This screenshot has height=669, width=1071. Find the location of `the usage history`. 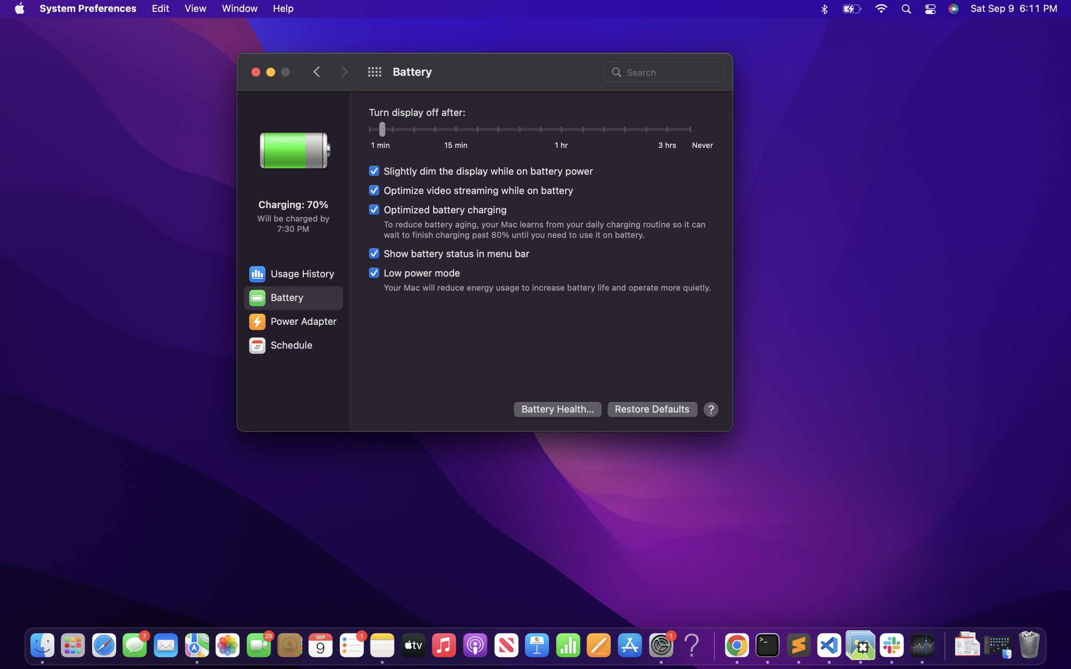

the usage history is located at coordinates (292, 273).